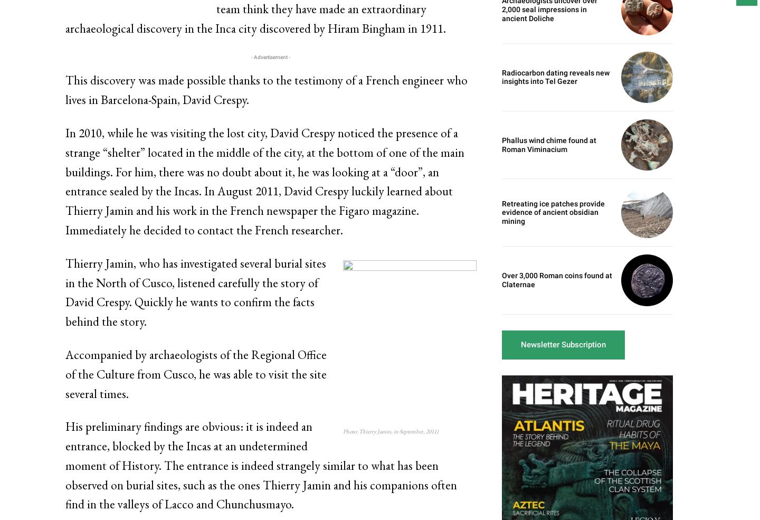 The height and width of the screenshot is (520, 760). Describe the element at coordinates (261, 465) in the screenshot. I see `'His preliminary findings are obvious: it is indeed an entrance, blocked by the Incas at an undetermined moment of History. The entrance is indeed strangely similar to what has been observed on burial sites, such as the ones Thierry Jamin and his companions often find in the valleys of Lacco and Chunchusmayo.'` at that location.